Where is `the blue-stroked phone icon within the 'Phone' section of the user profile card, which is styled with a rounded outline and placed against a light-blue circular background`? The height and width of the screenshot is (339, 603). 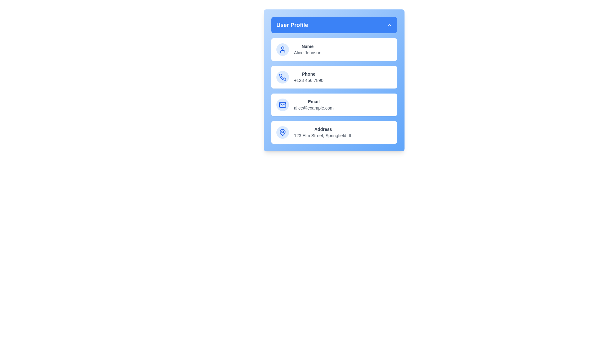
the blue-stroked phone icon within the 'Phone' section of the user profile card, which is styled with a rounded outline and placed against a light-blue circular background is located at coordinates (282, 77).